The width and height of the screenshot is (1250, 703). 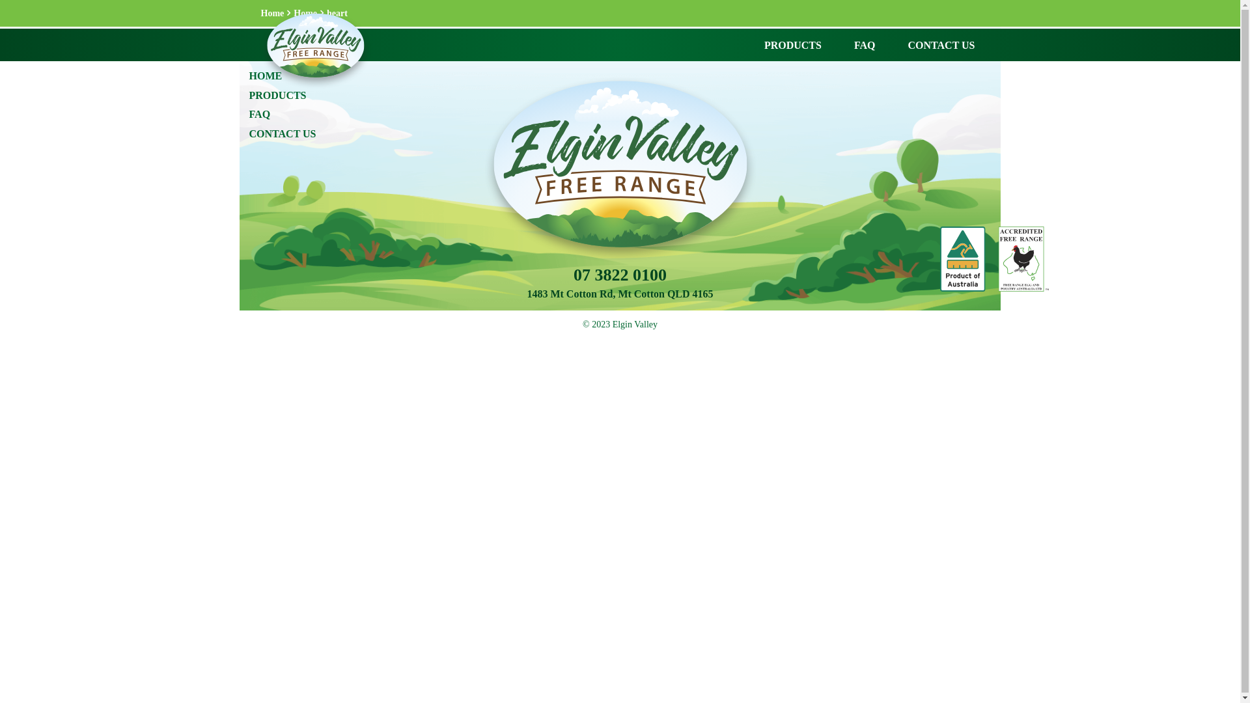 I want to click on '07 3822 0100', so click(x=619, y=274).